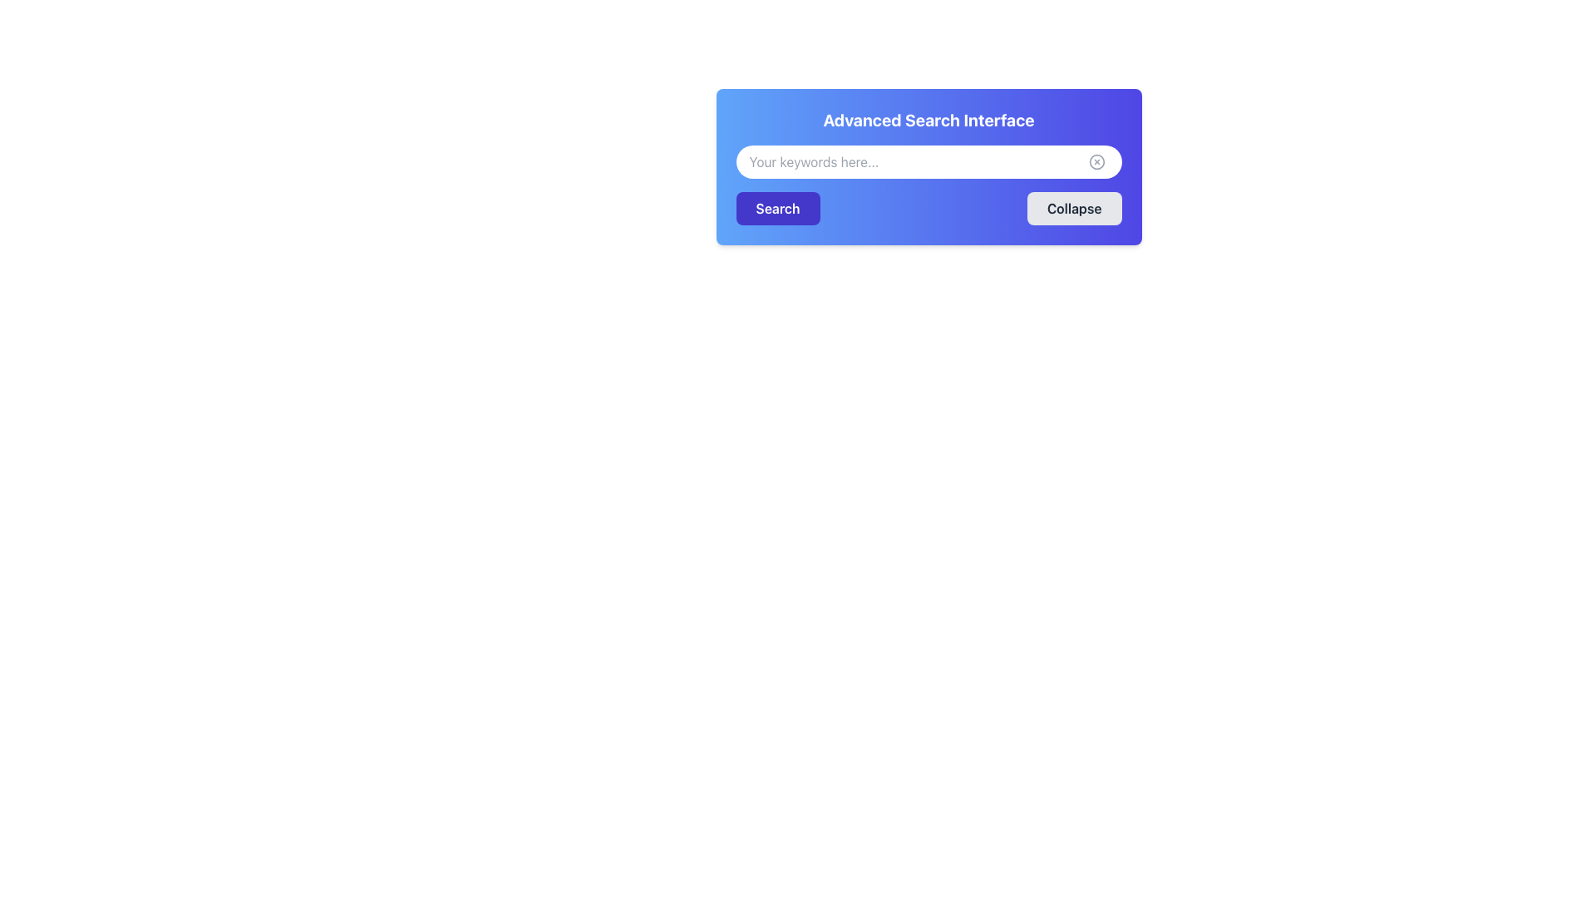  Describe the element at coordinates (1096, 162) in the screenshot. I see `the clear button located on the right side of the input box in the advanced search interface to change its color` at that location.